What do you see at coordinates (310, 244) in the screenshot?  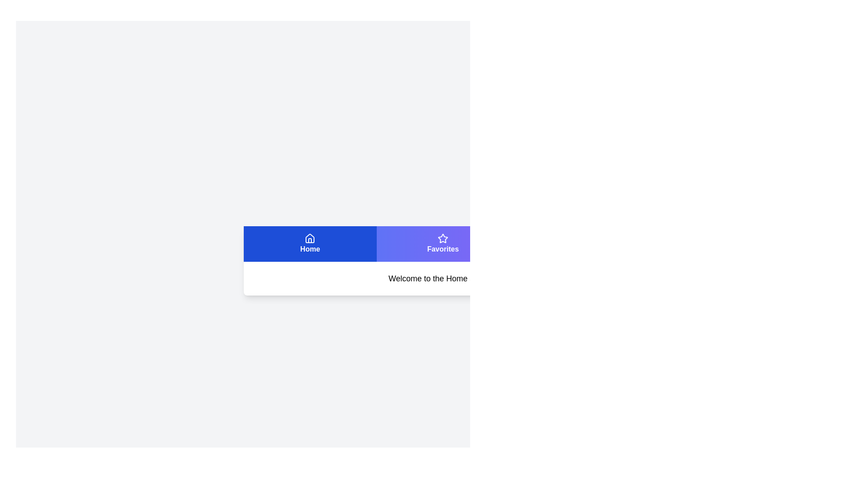 I see `the first button in the horizontal navbar` at bounding box center [310, 244].